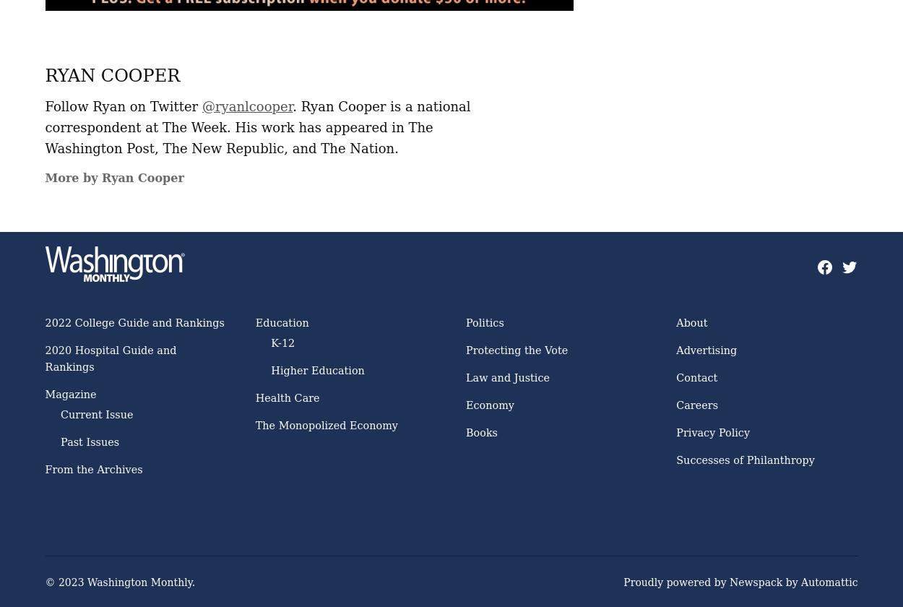 This screenshot has width=903, height=607. I want to click on 'Magazine', so click(69, 393).